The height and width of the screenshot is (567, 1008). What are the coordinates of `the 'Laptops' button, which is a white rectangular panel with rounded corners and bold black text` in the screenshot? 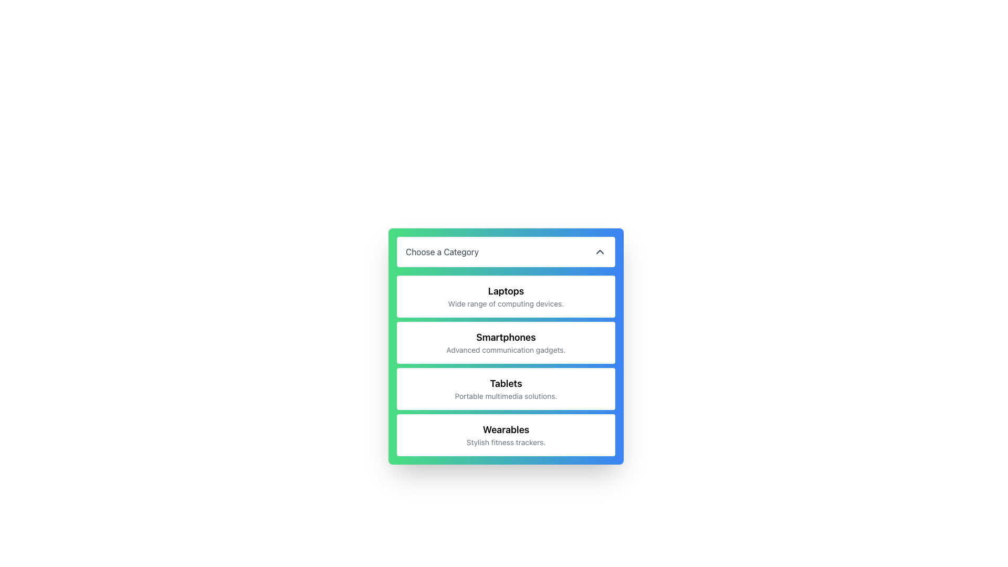 It's located at (506, 296).